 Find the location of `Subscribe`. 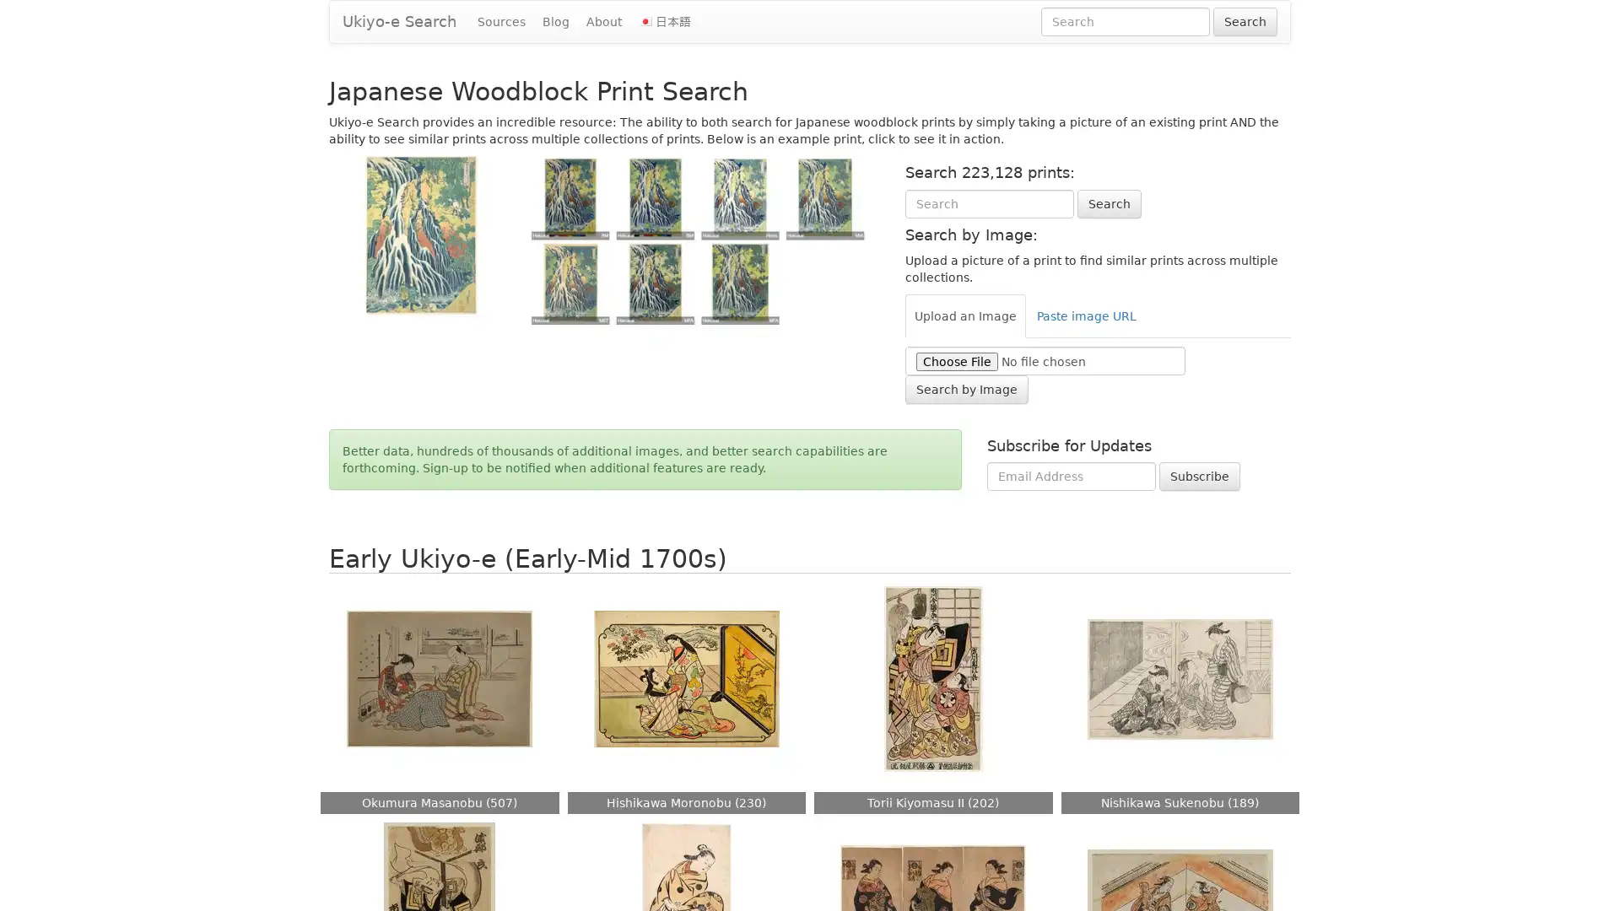

Subscribe is located at coordinates (1198, 476).